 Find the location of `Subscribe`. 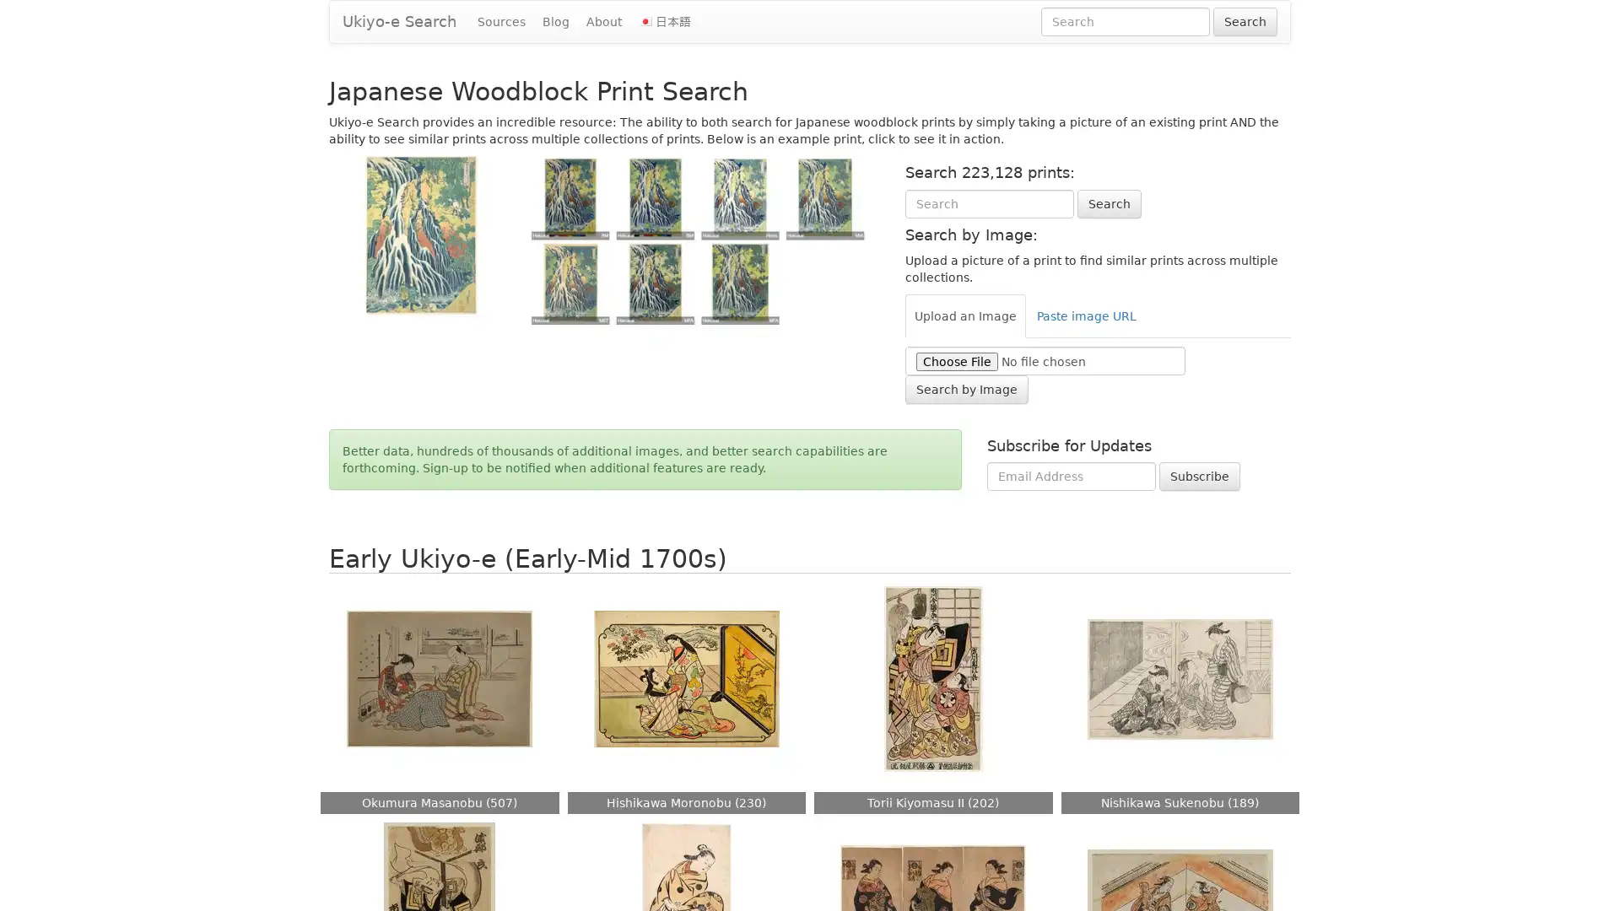

Subscribe is located at coordinates (1198, 476).